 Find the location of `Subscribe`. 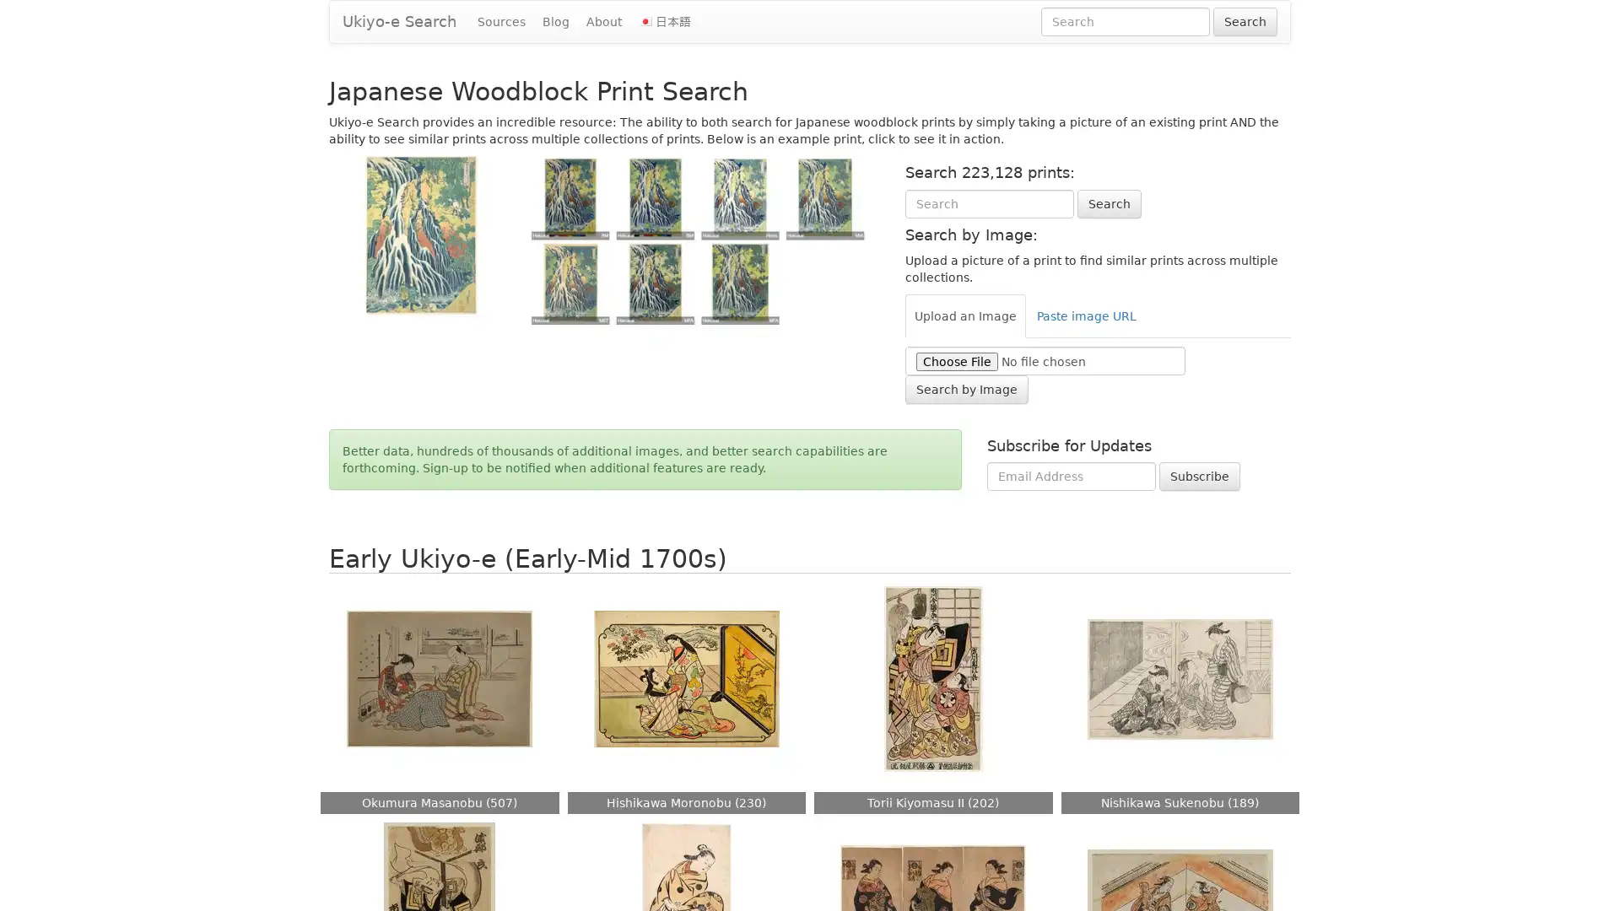

Subscribe is located at coordinates (1198, 476).